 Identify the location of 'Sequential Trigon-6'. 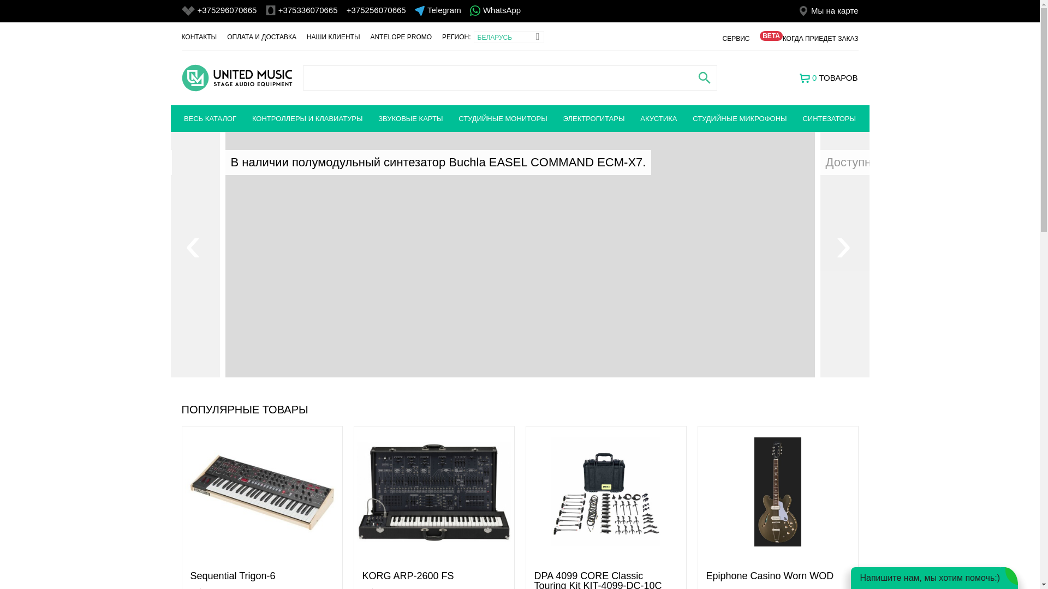
(232, 575).